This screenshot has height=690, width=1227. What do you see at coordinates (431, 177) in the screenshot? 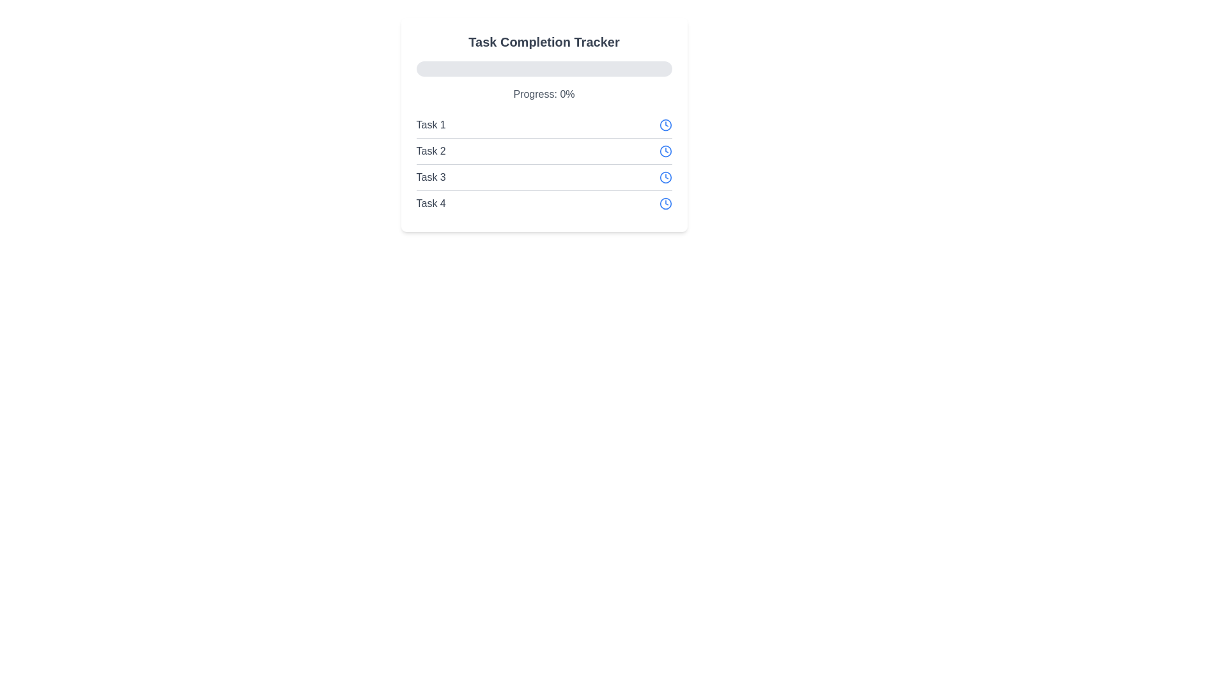
I see `the text label indicating 'Task 3' in the Task Completion Tracker, which is positioned in the third row between 'Task 2' and 'Task 4'` at bounding box center [431, 177].